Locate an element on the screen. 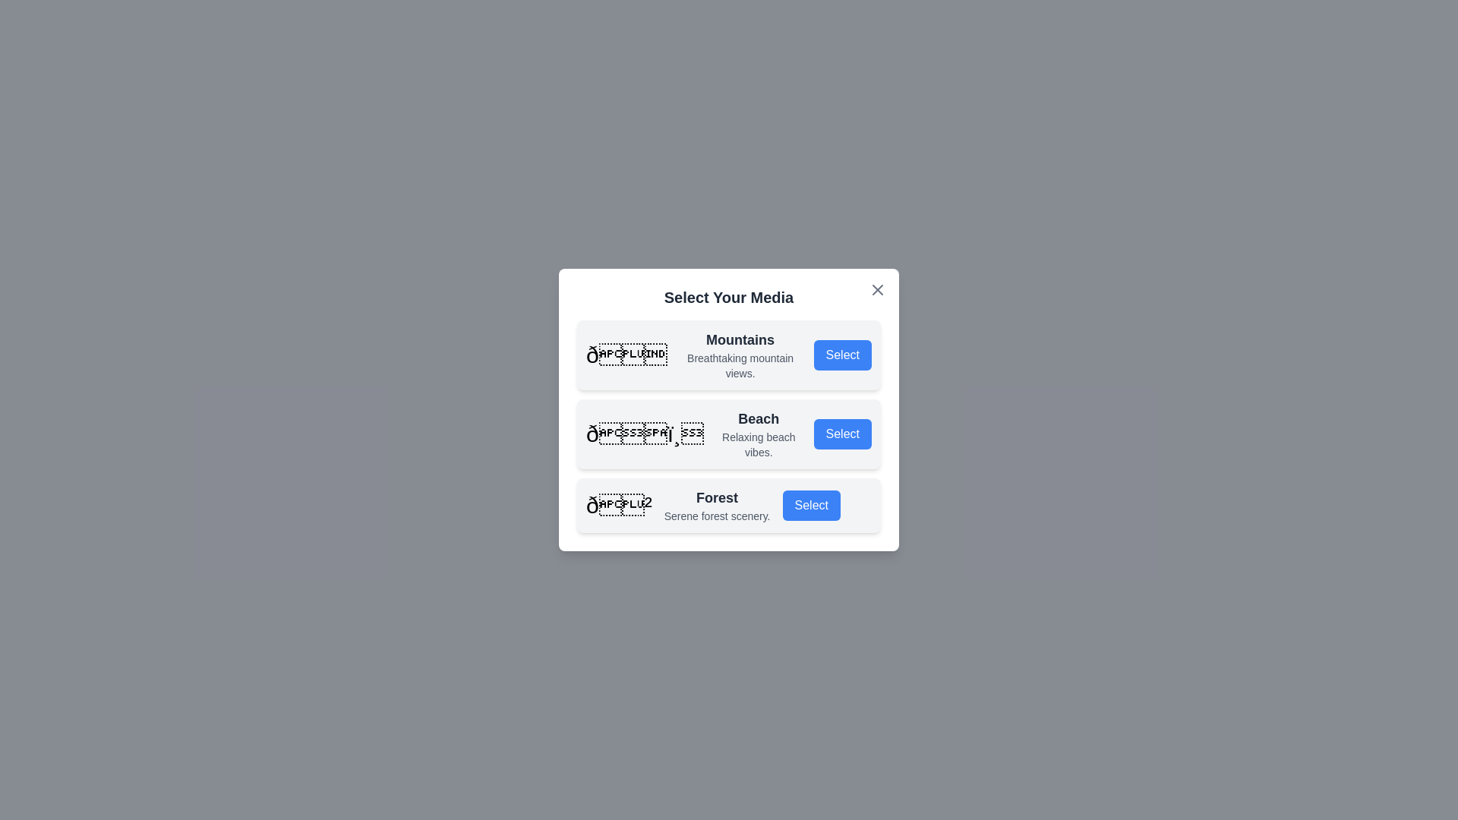  'Select' button for the specified media option Mountains is located at coordinates (841, 355).